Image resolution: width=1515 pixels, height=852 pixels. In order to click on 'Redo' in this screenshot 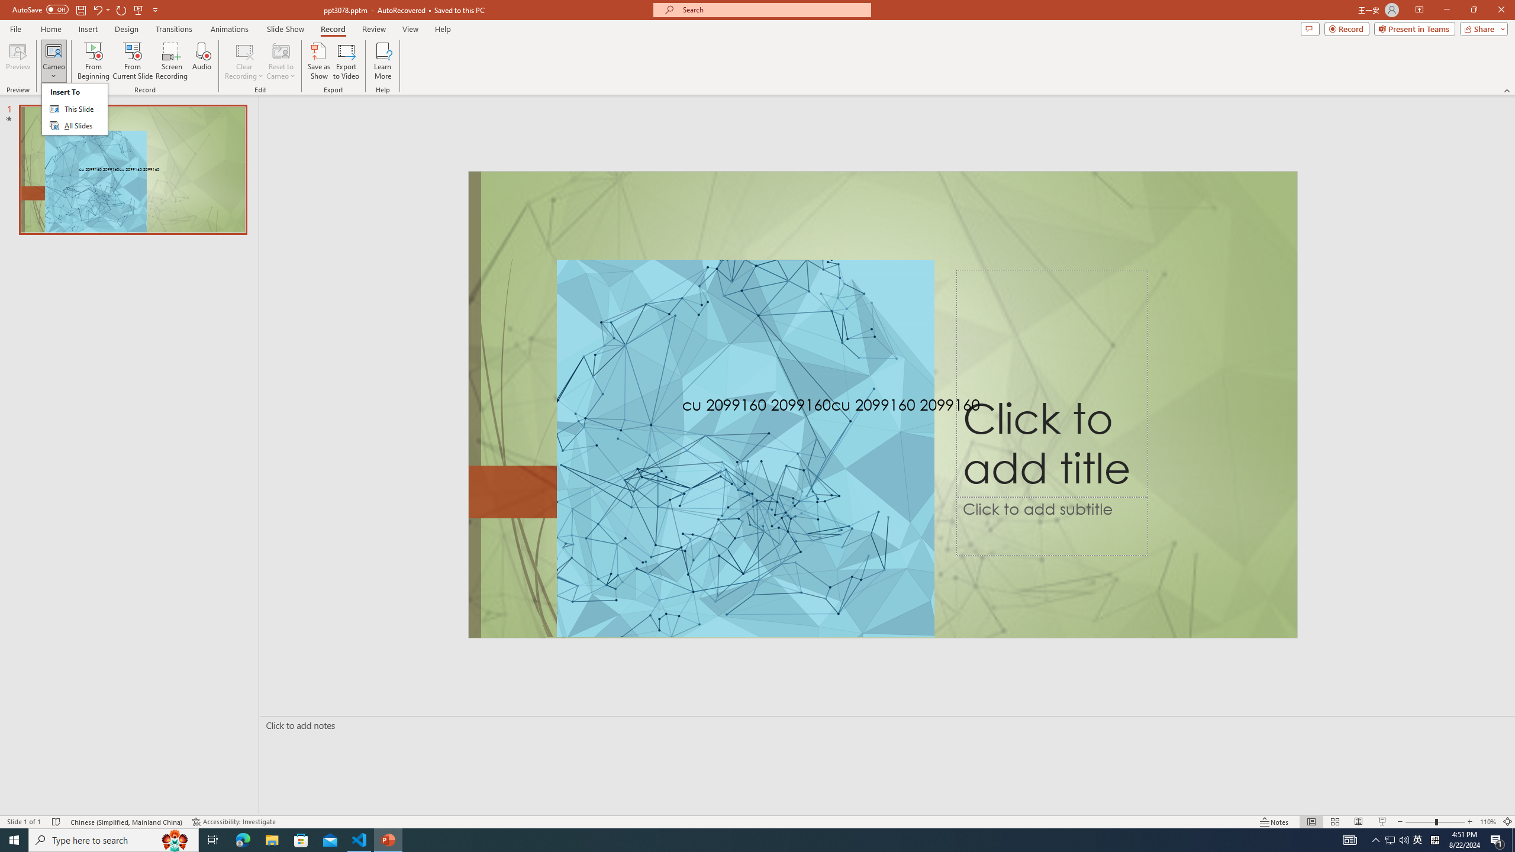, I will do `click(121, 9)`.